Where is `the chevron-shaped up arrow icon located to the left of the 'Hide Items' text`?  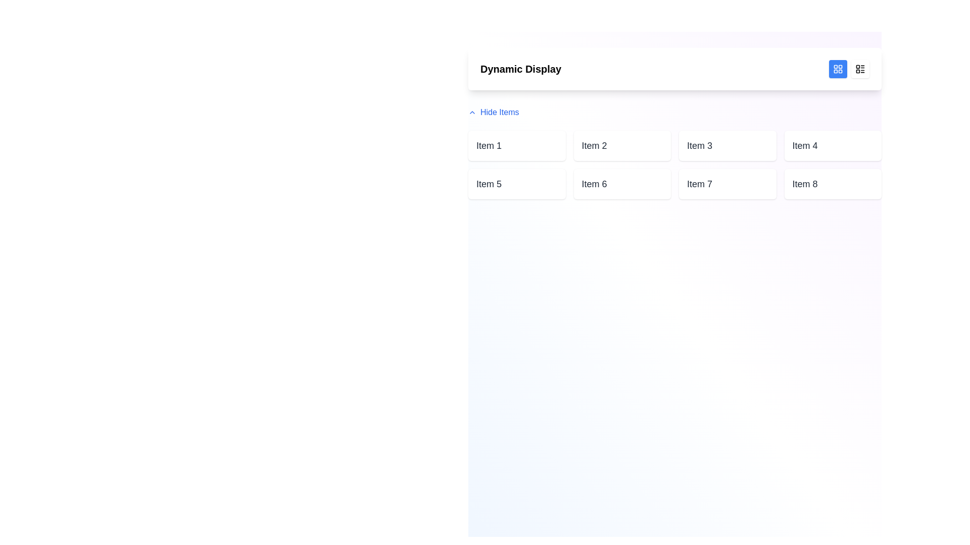 the chevron-shaped up arrow icon located to the left of the 'Hide Items' text is located at coordinates (472, 113).